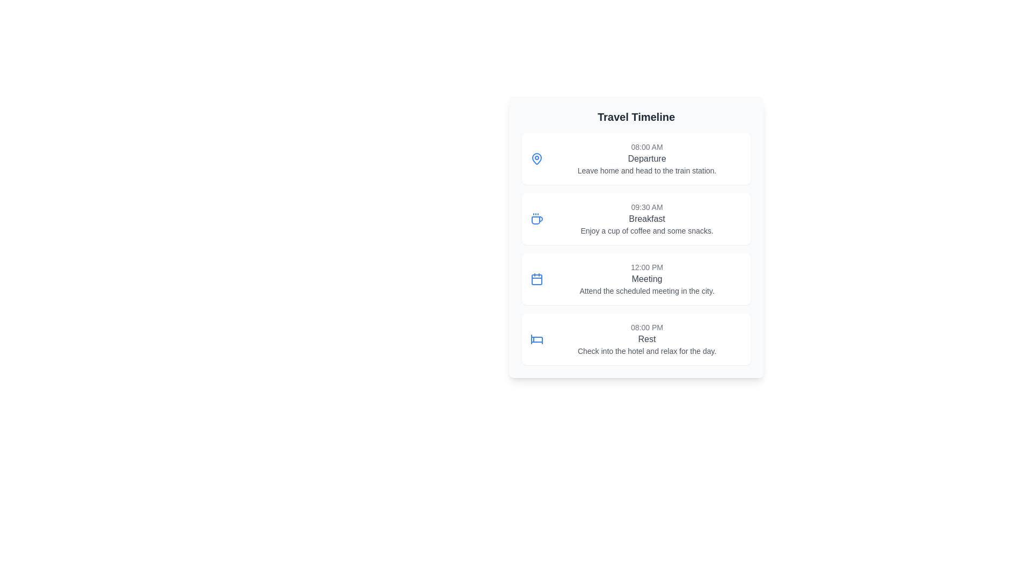  What do you see at coordinates (536, 339) in the screenshot?
I see `the blue-colored bed icon located within the bottom card of the list, which is the first element on the left side` at bounding box center [536, 339].